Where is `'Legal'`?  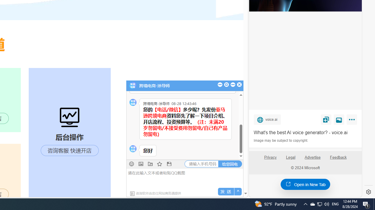 'Legal' is located at coordinates (291, 160).